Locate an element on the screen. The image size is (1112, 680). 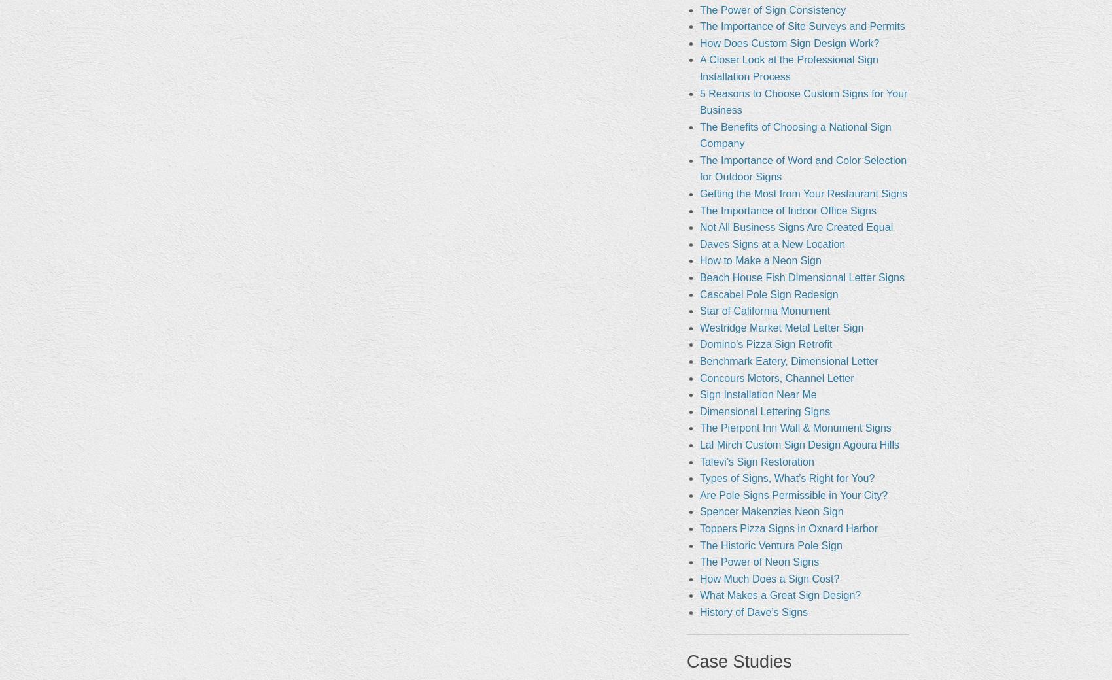
'Westridge Market Metal Letter Sign' is located at coordinates (780, 327).